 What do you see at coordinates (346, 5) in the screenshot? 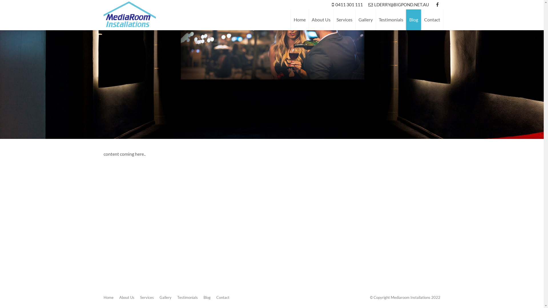
I see `'0411 301 111'` at bounding box center [346, 5].